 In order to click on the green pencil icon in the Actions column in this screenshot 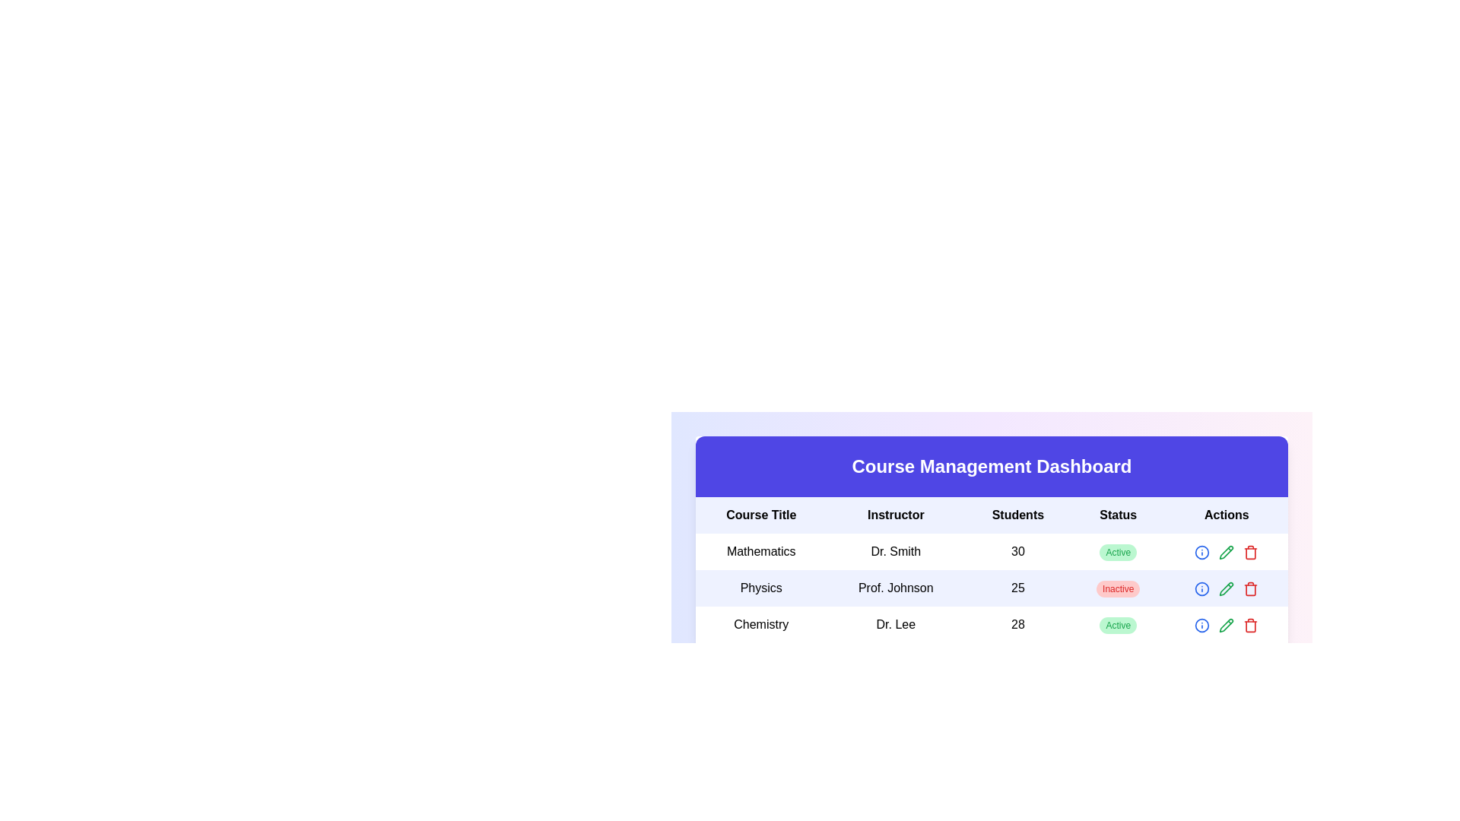, I will do `click(1227, 551)`.